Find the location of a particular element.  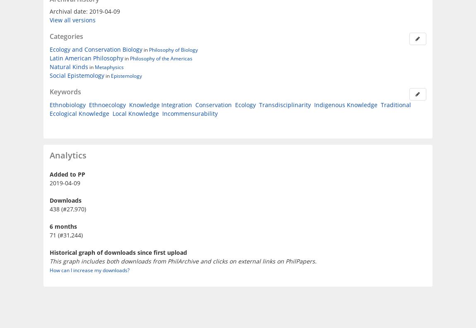

'View all versions' is located at coordinates (72, 19).